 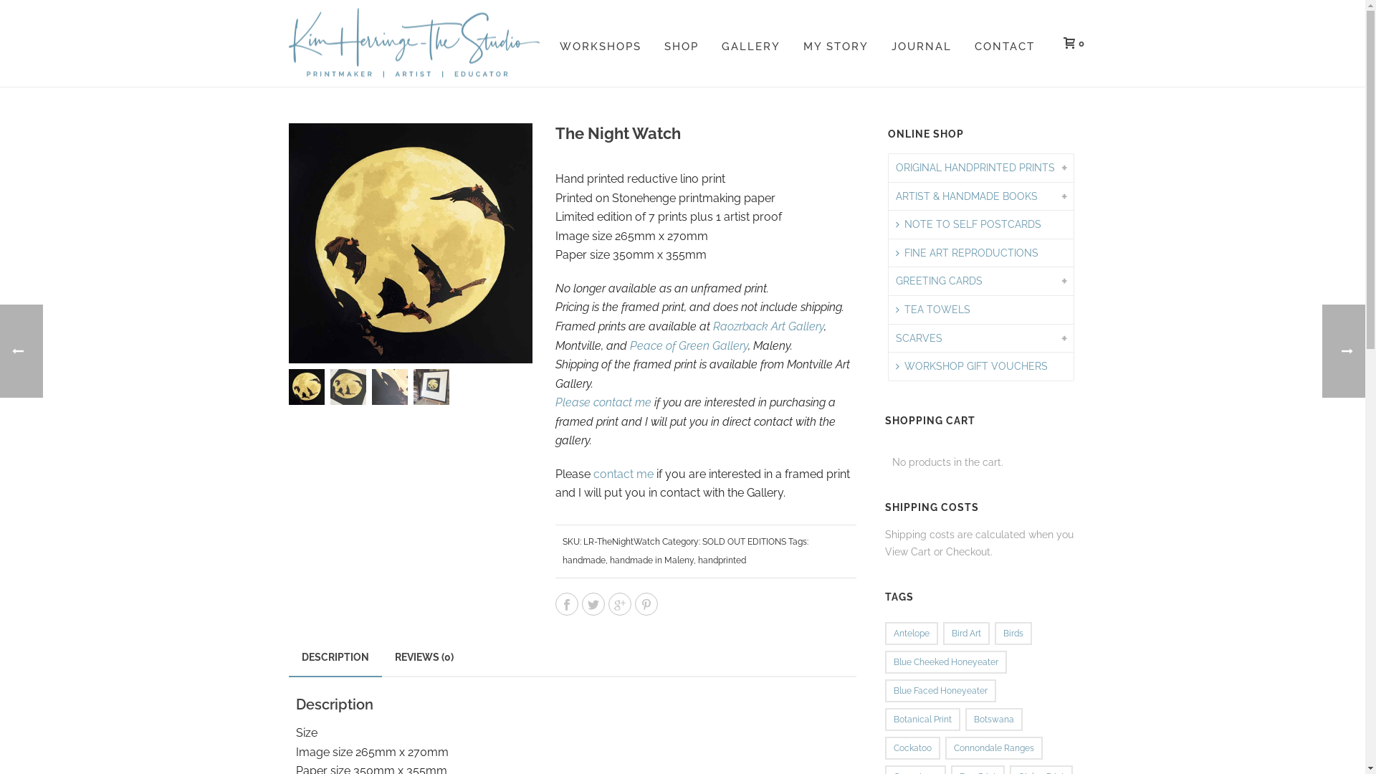 What do you see at coordinates (884, 662) in the screenshot?
I see `'Blue Cheeked Honeyeater'` at bounding box center [884, 662].